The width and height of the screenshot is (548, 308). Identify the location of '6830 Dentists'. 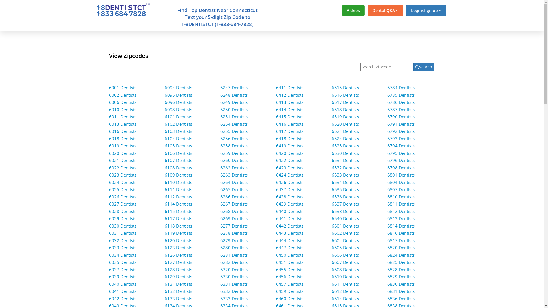
(401, 284).